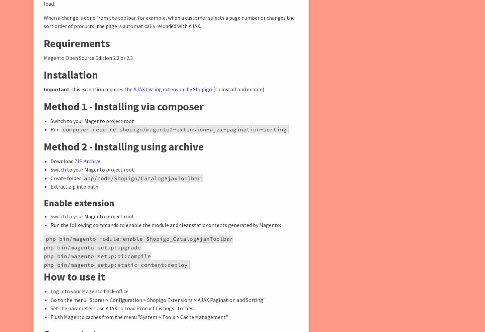  Describe the element at coordinates (123, 146) in the screenshot. I see `'Method 2 - Installing using archive'` at that location.